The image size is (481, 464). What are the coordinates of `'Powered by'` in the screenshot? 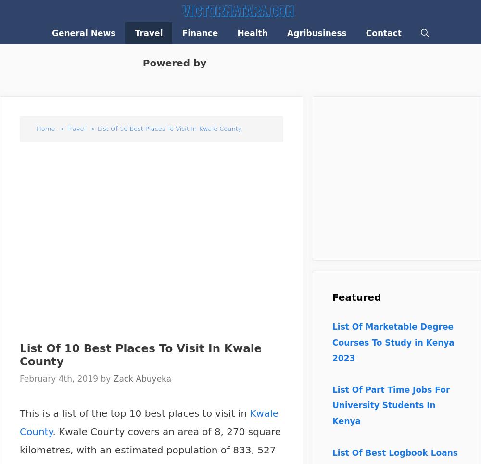 It's located at (172, 63).